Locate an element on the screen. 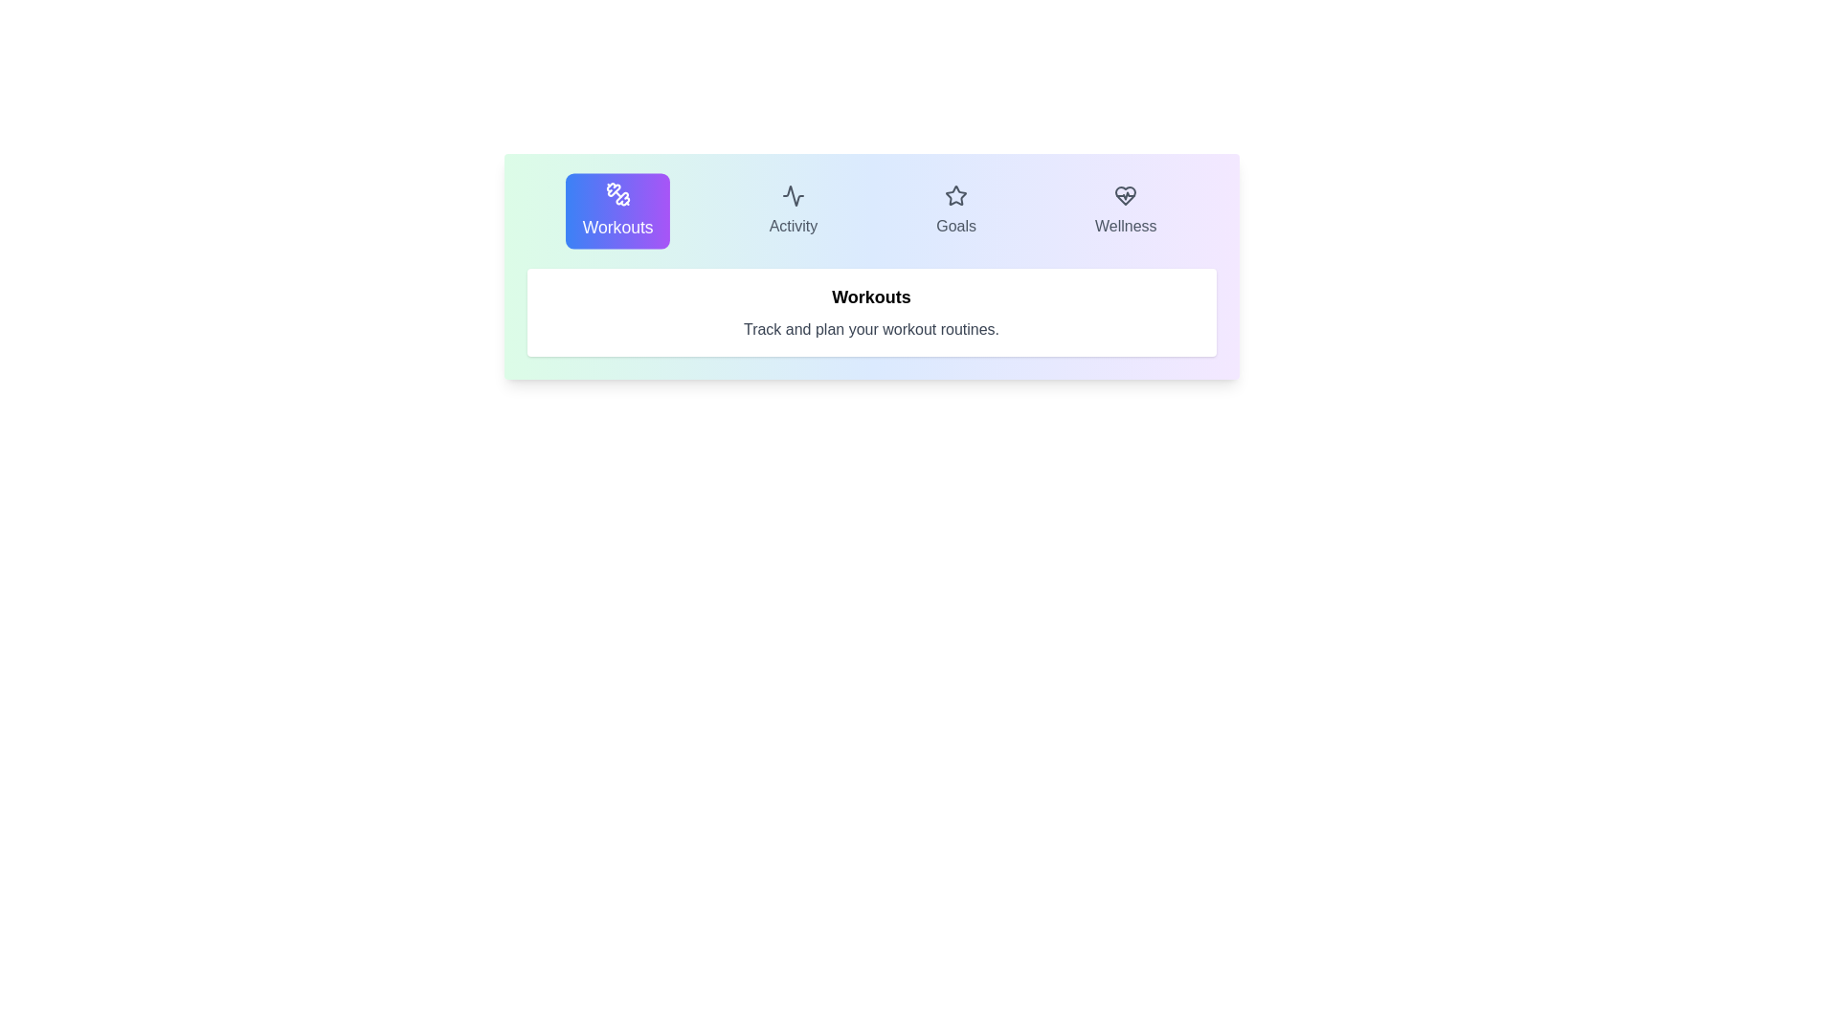  the heart icon with a pulse line in the Wellness section of the navigation bar, located at the top-right of the component is located at coordinates (1126, 195).